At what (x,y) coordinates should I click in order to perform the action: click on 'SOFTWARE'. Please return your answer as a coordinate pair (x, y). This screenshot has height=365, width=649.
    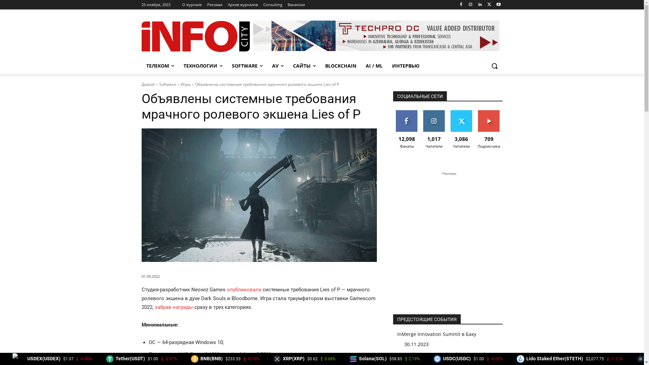
    Looking at the image, I should click on (247, 66).